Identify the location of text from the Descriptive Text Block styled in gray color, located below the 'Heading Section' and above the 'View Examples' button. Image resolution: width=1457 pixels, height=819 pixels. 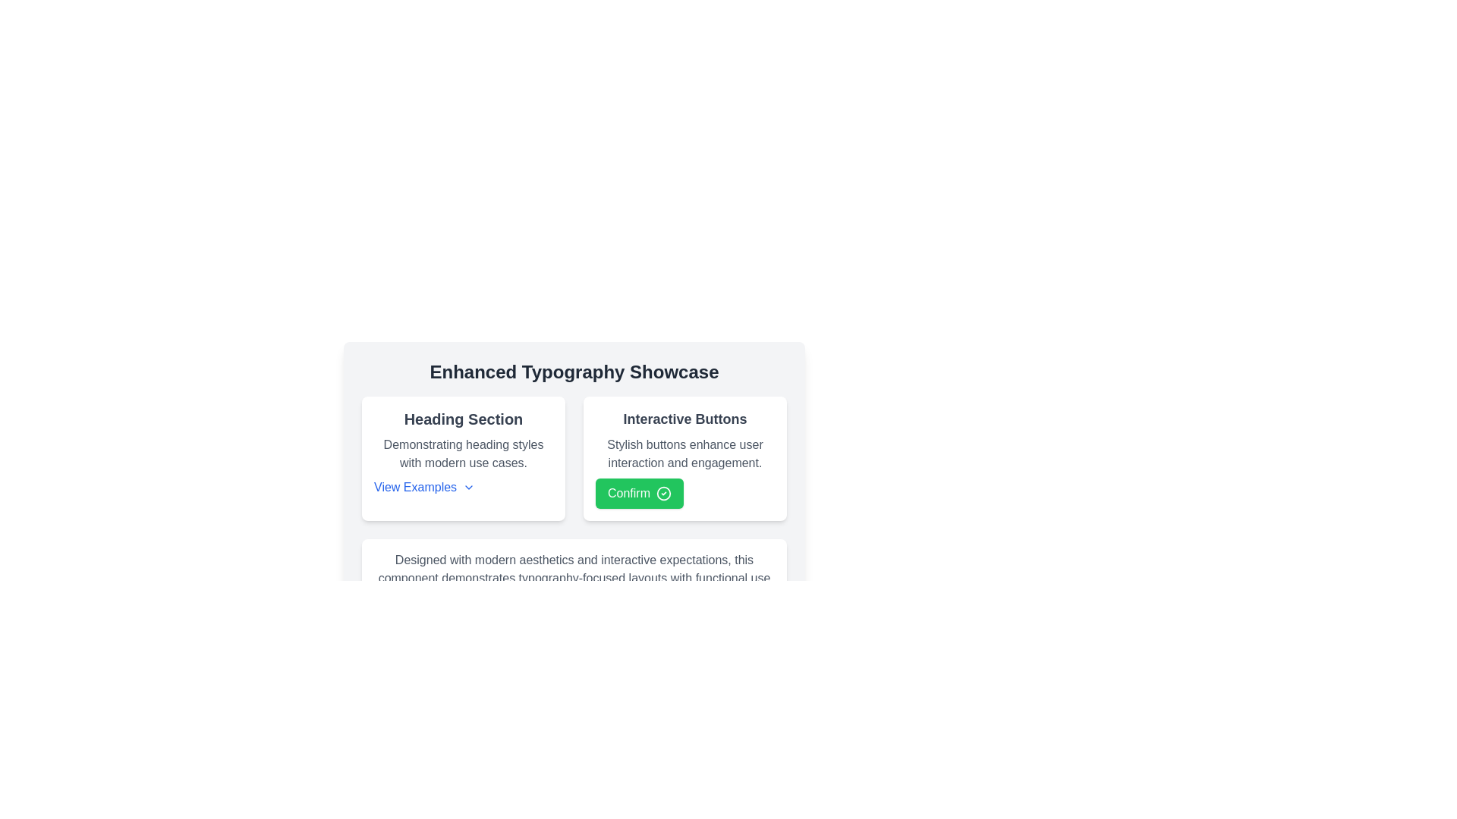
(462, 453).